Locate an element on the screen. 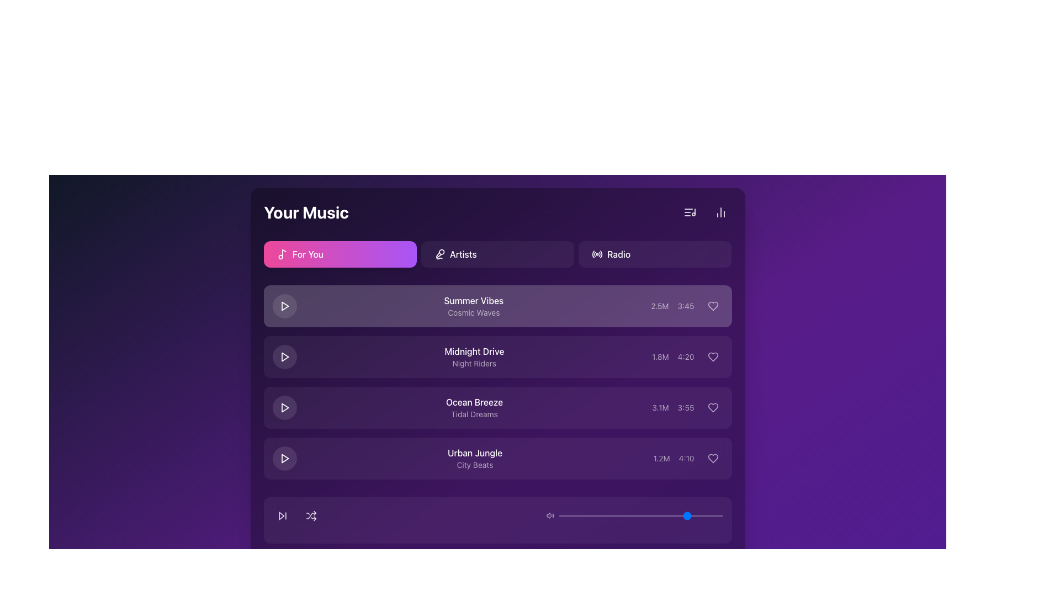 The width and height of the screenshot is (1060, 596). on the musical note icon located is located at coordinates (282, 254).